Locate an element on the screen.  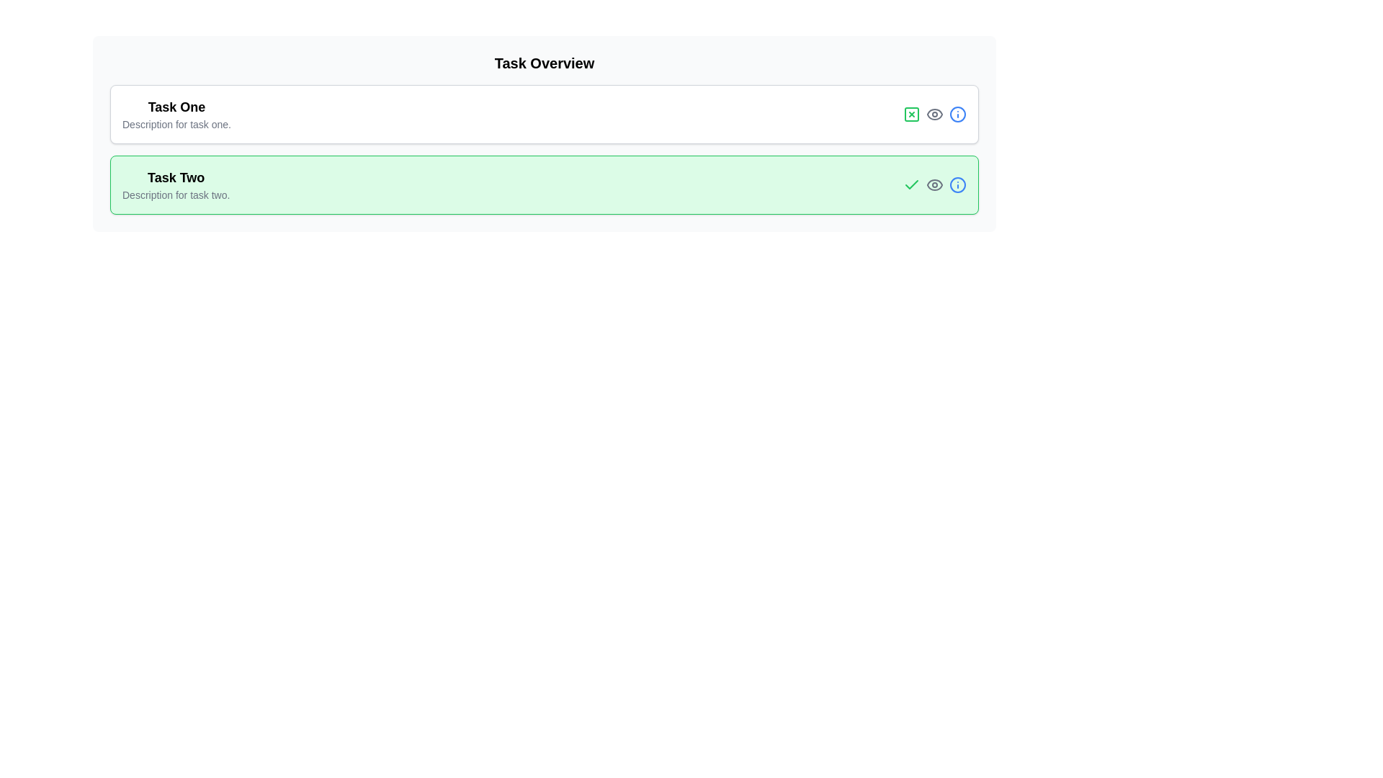
the eye icon located in the right section of the green-highlighted task card labeled 'Task Two', adjacent to the rightmost corner is located at coordinates (934, 184).